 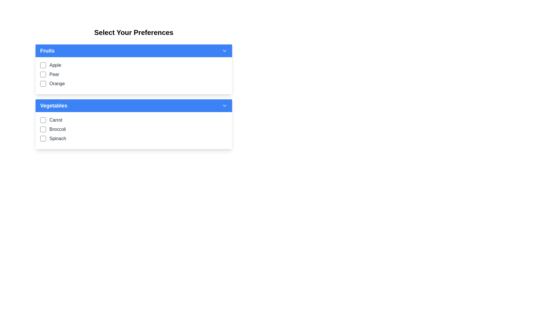 What do you see at coordinates (133, 32) in the screenshot?
I see `the bold and large-sized textual header displaying 'Select Your Preferences' located centrally at the top of the page` at bounding box center [133, 32].